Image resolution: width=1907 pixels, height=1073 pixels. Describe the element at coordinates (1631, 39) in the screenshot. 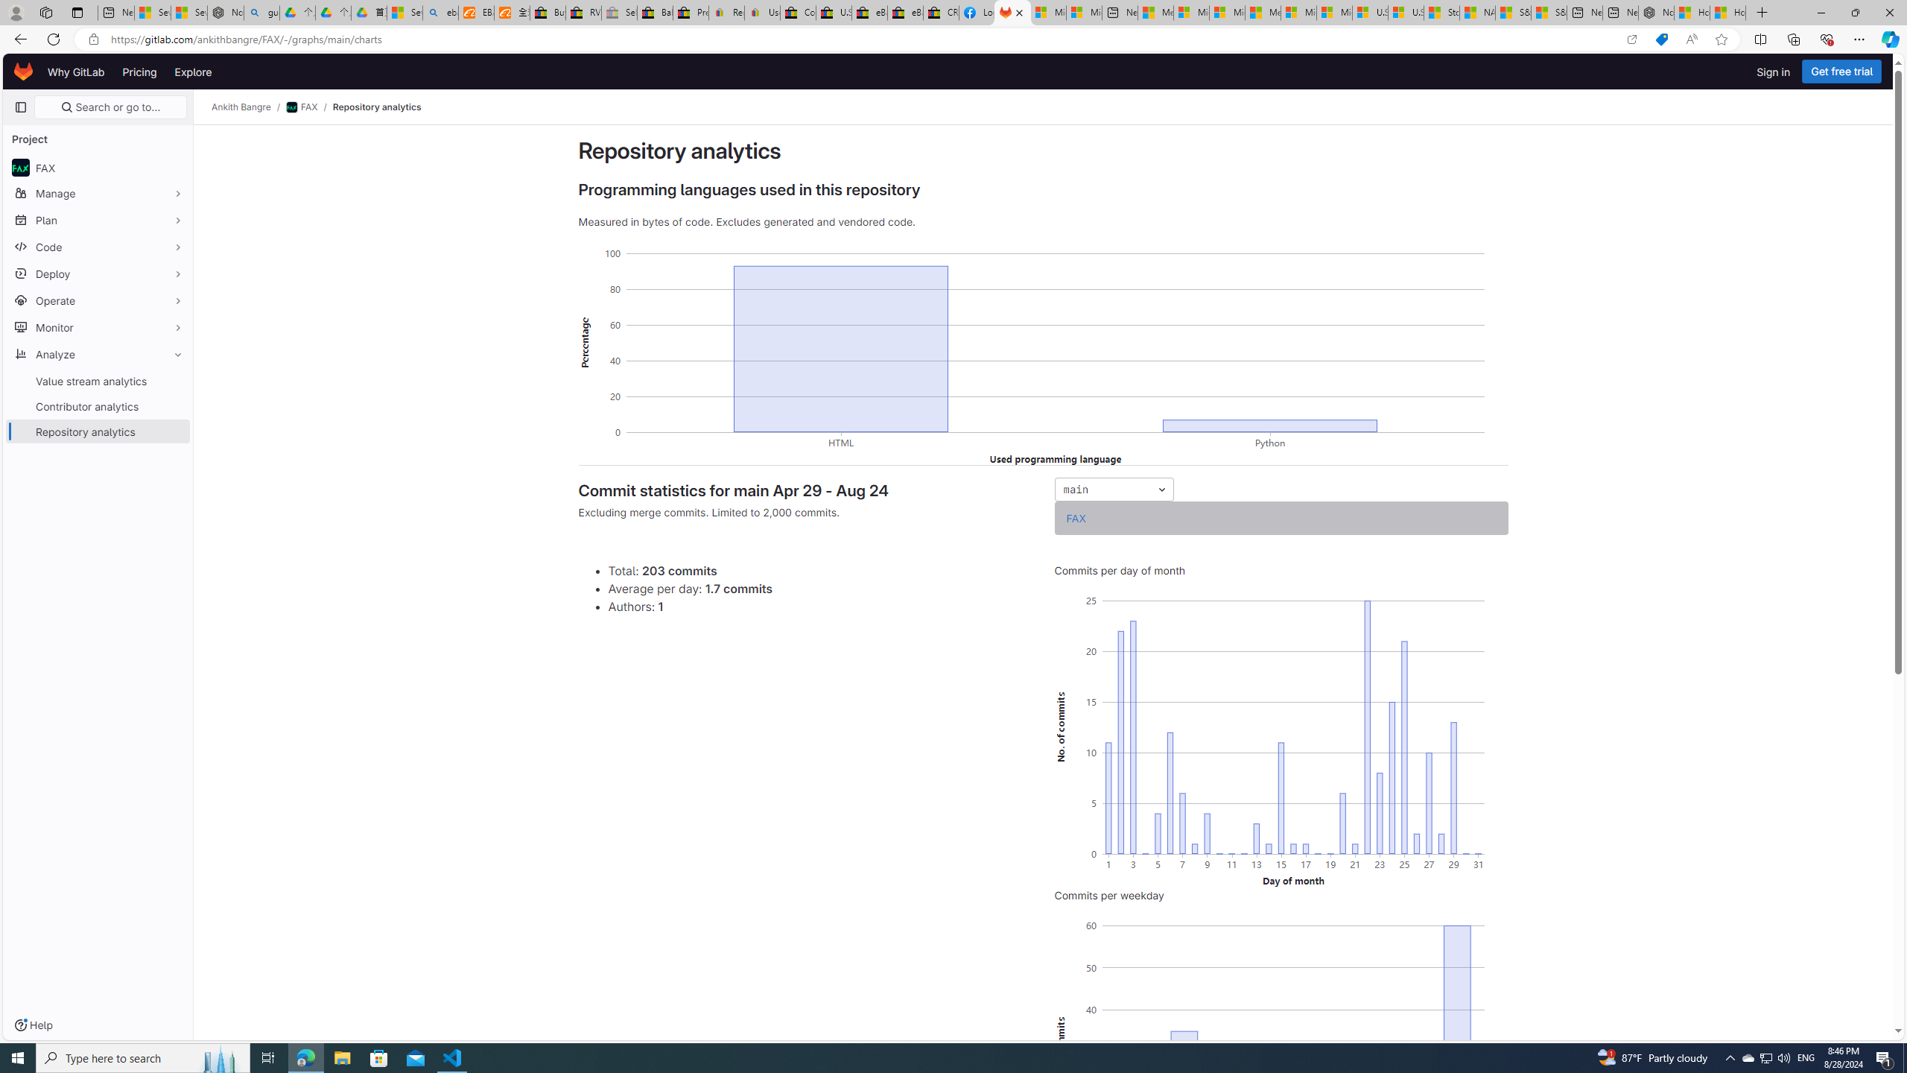

I see `'Open in app'` at that location.